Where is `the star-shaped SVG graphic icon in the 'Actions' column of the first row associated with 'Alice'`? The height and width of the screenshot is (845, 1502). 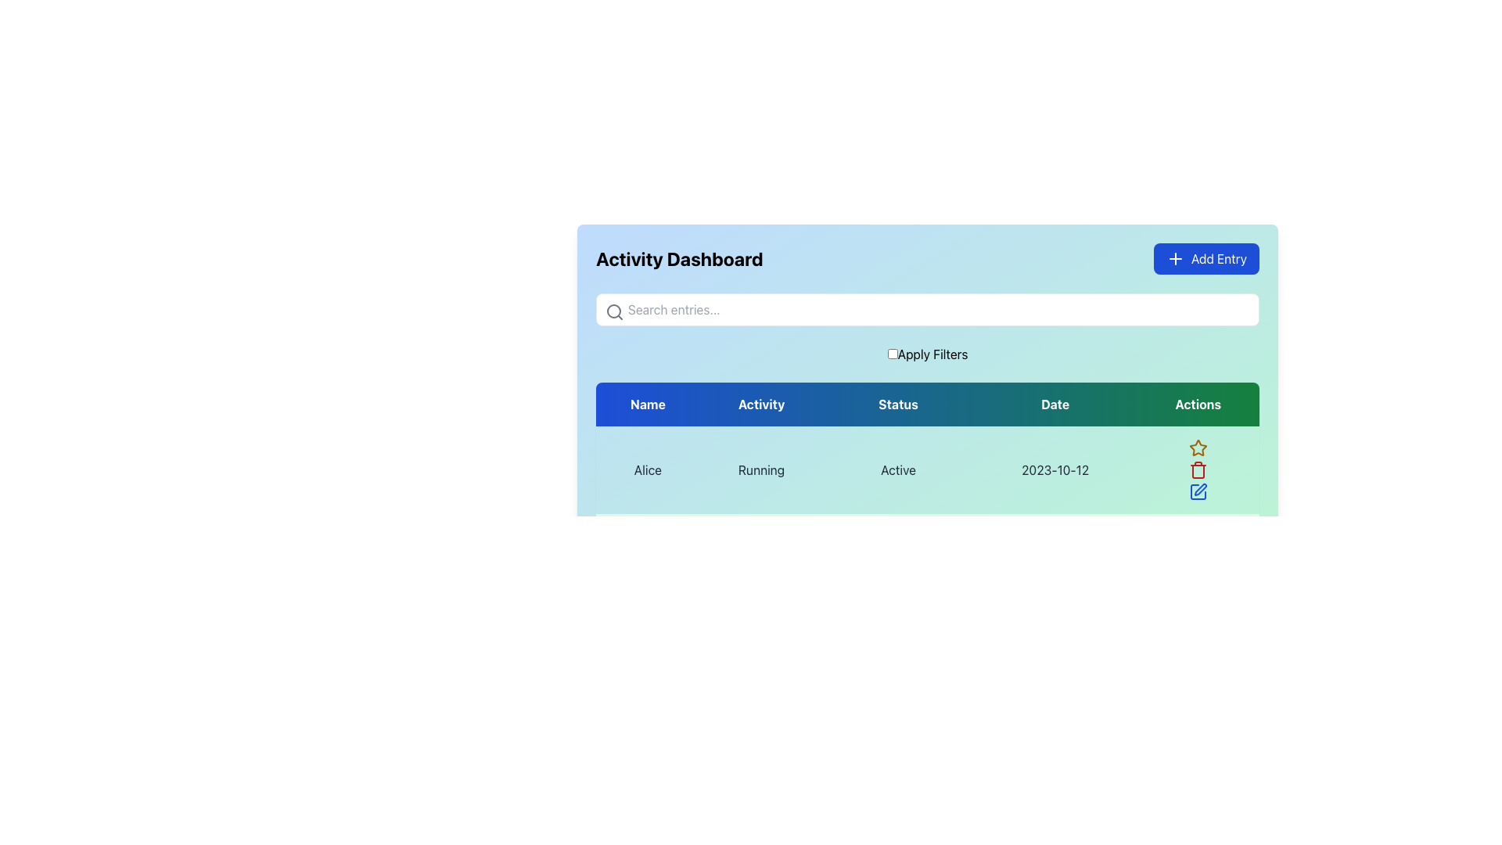
the star-shaped SVG graphic icon in the 'Actions' column of the first row associated with 'Alice' is located at coordinates (1197, 448).